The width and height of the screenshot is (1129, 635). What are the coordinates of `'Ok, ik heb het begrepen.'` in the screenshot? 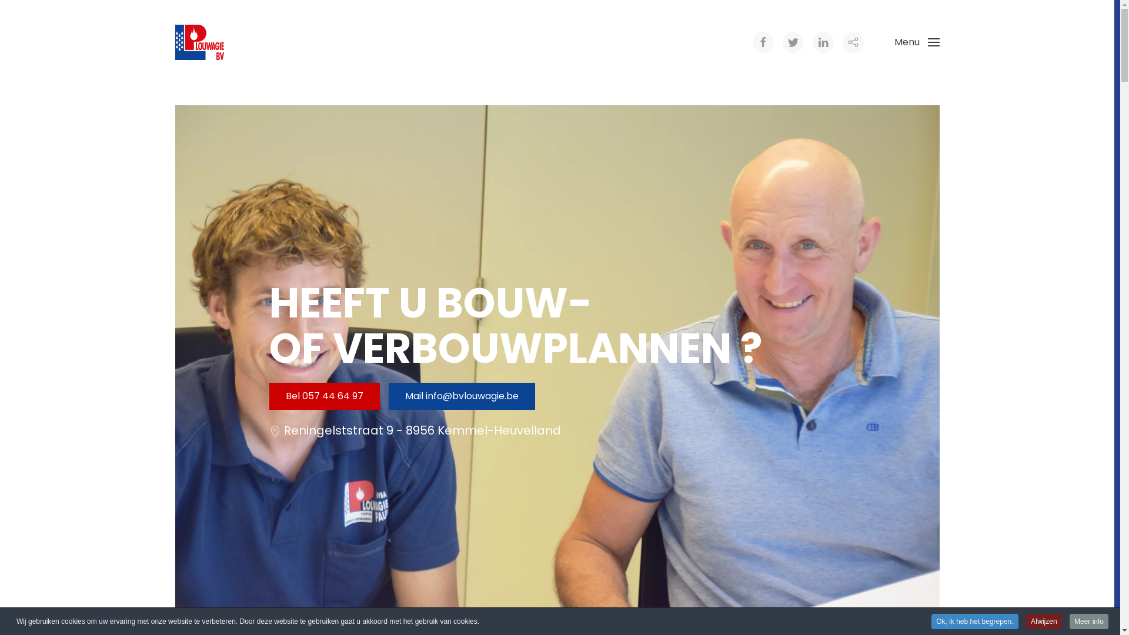 It's located at (974, 620).